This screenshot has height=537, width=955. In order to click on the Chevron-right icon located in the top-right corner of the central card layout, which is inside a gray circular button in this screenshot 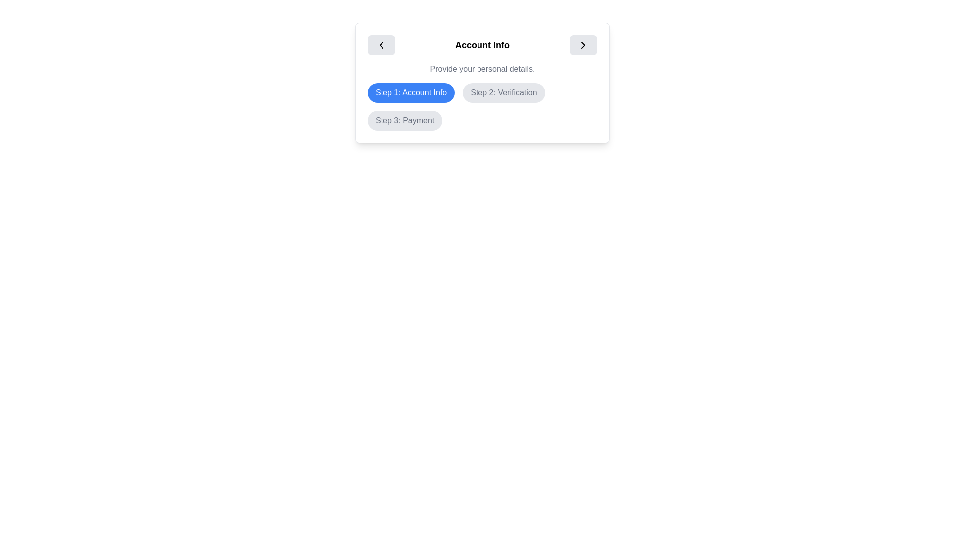, I will do `click(583, 45)`.